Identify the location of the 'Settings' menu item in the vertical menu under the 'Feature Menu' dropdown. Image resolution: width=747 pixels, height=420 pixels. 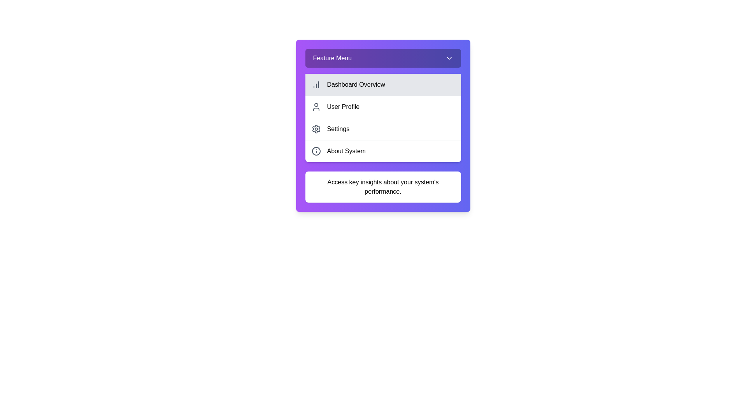
(383, 125).